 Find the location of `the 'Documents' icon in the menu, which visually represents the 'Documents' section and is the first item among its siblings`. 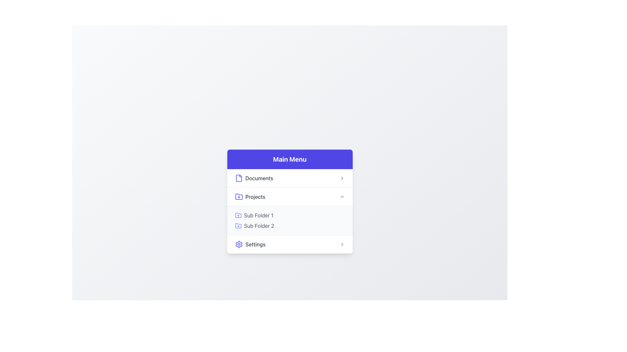

the 'Documents' icon in the menu, which visually represents the 'Documents' section and is the first item among its siblings is located at coordinates (238, 178).